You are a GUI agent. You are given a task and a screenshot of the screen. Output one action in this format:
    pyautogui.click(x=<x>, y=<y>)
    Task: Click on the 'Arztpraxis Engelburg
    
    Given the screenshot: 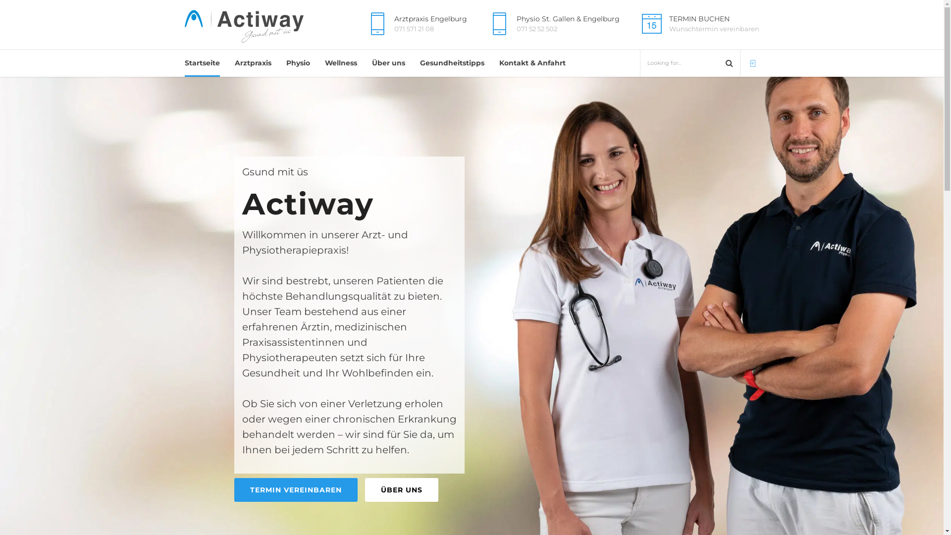 What is the action you would take?
    pyautogui.click(x=362, y=23)
    